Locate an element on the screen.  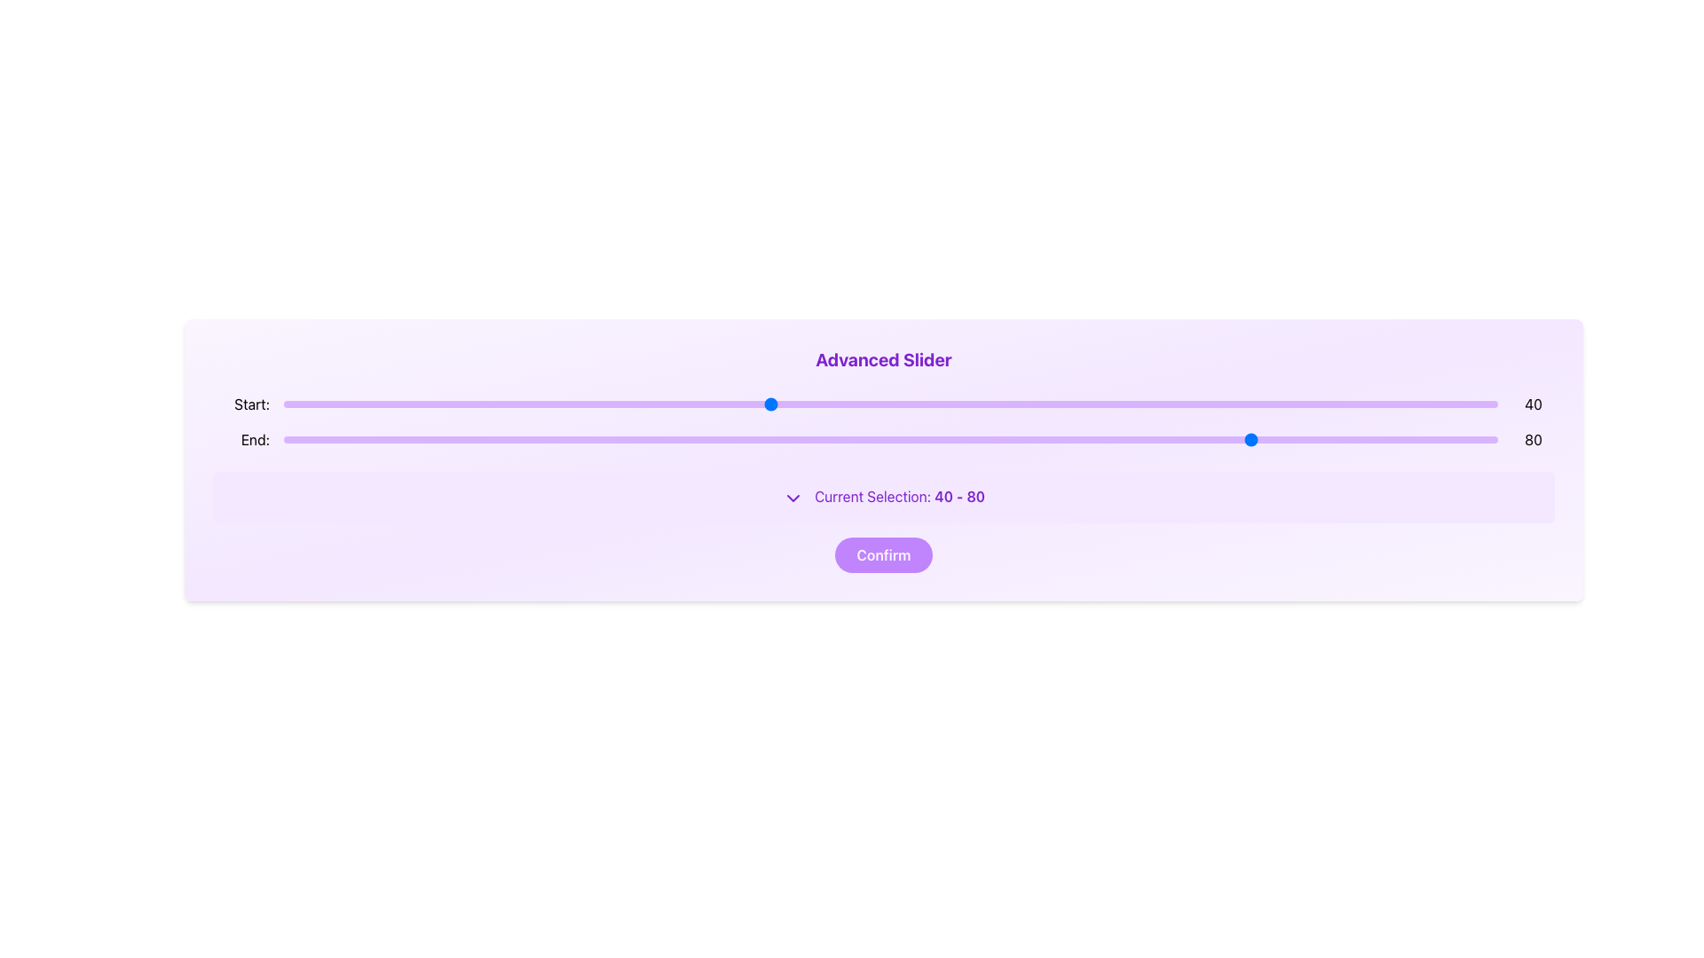
the start slider is located at coordinates (938, 404).